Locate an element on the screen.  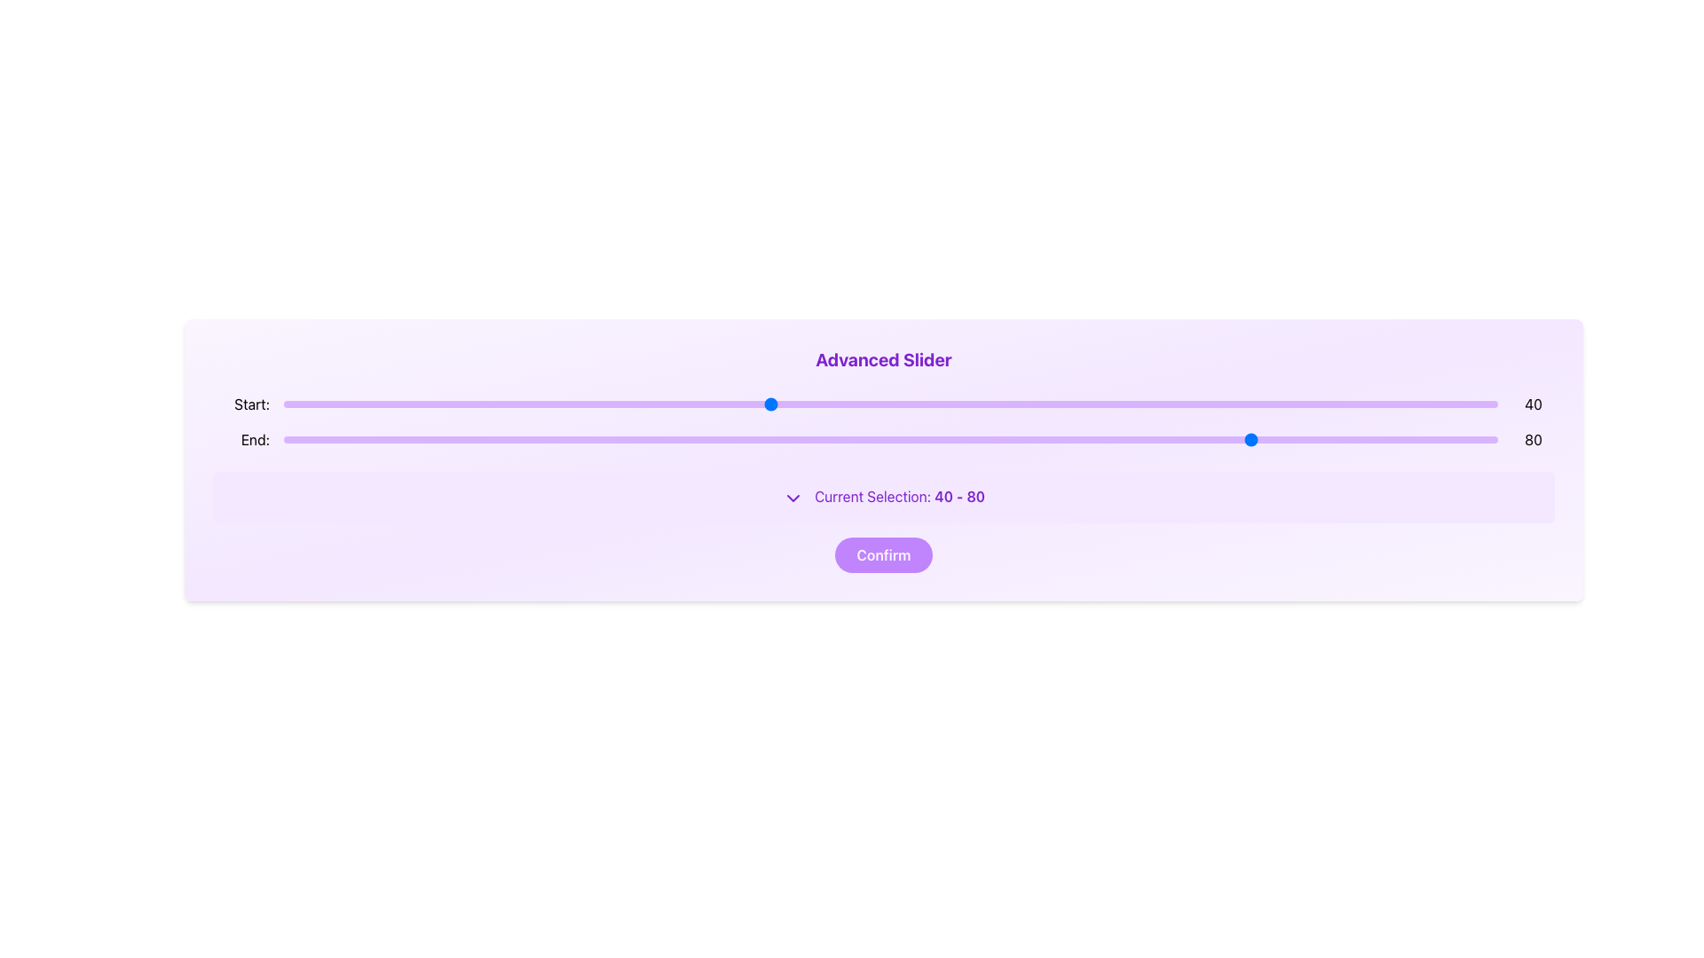
the start slider is located at coordinates (938, 404).